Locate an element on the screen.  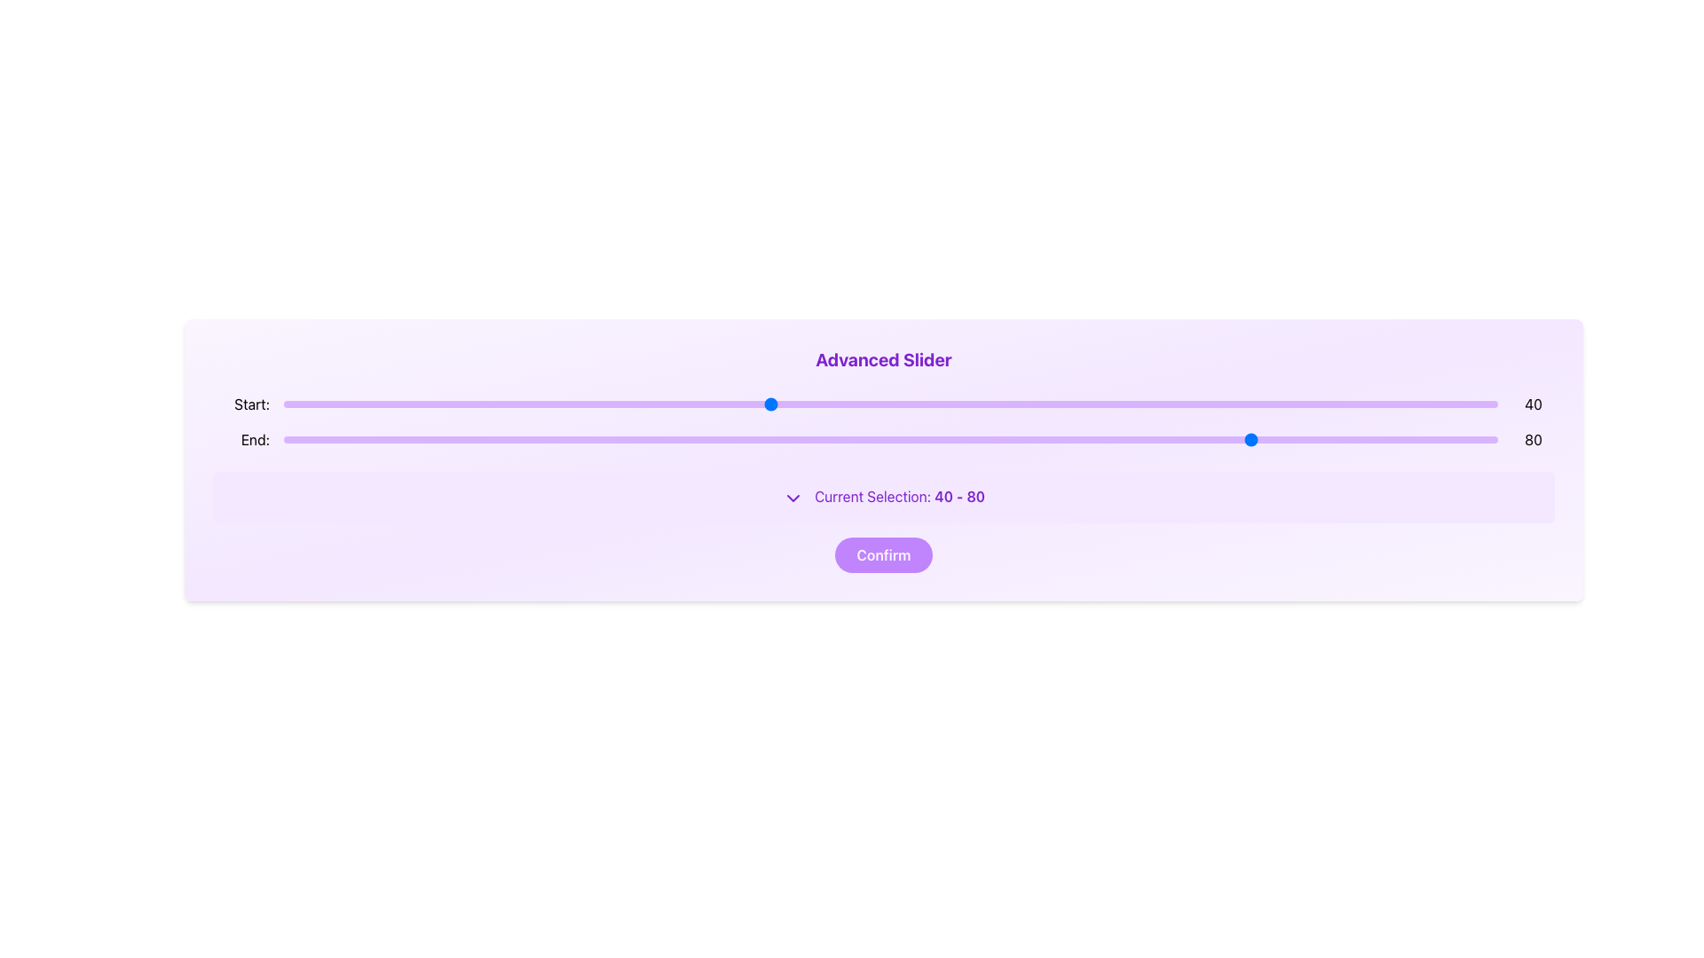
the start slider is located at coordinates (938, 404).